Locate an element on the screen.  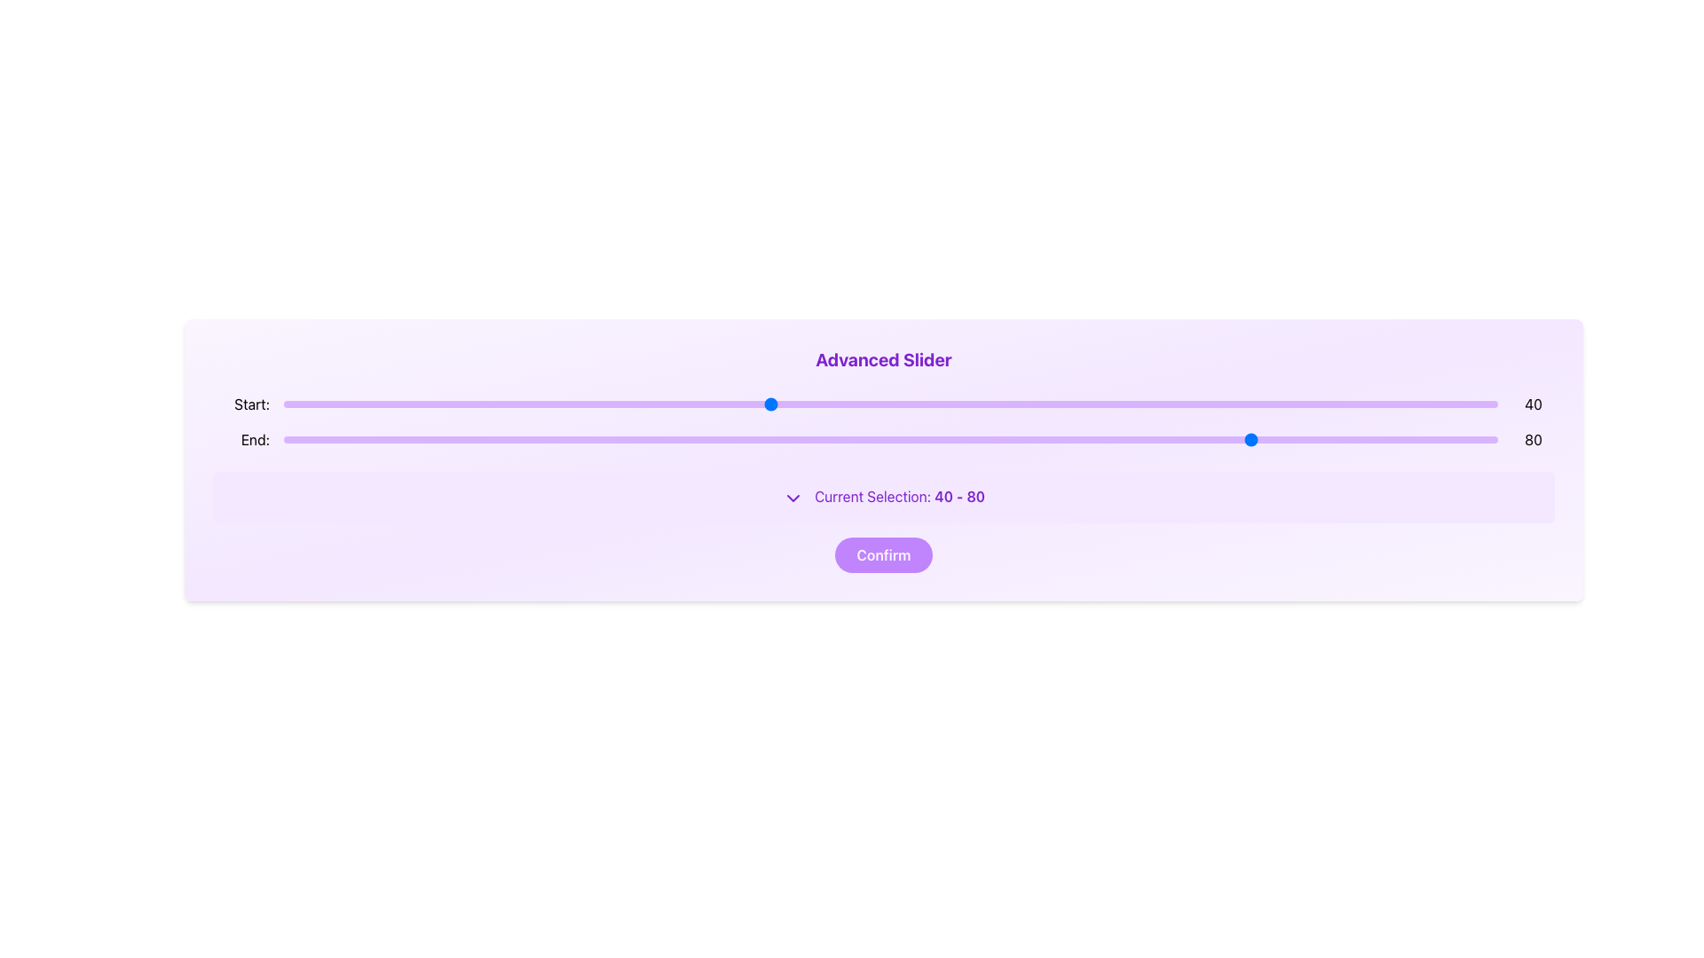
the start slider is located at coordinates (938, 404).